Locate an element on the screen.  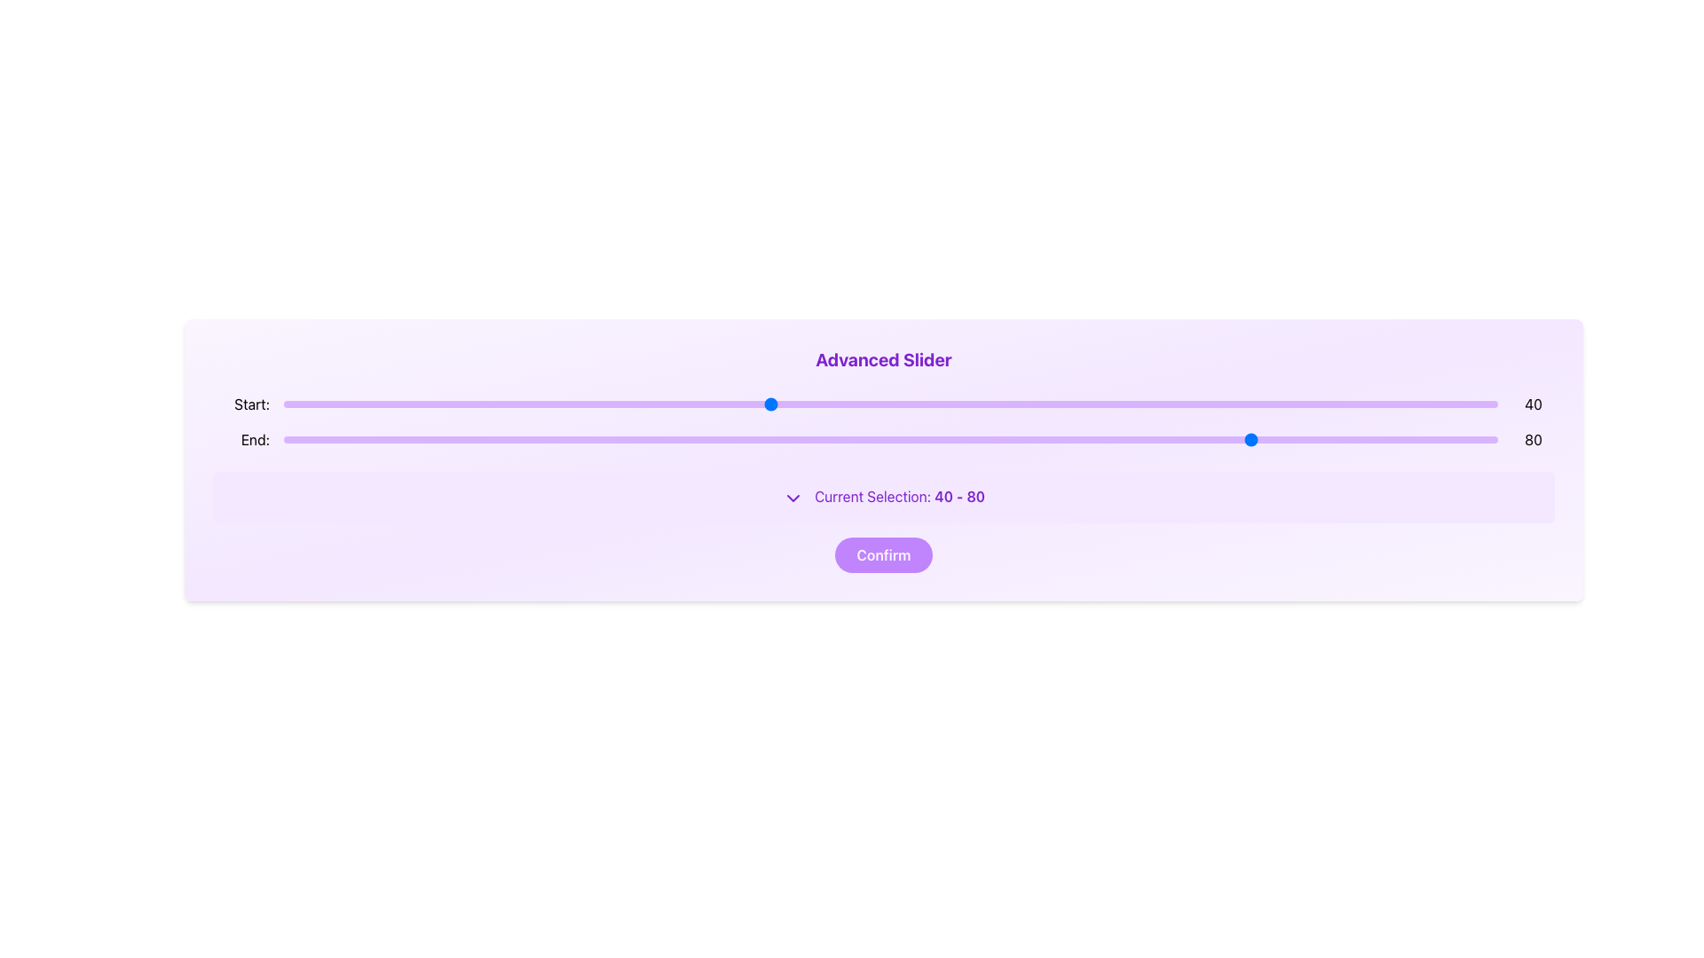
the start slider is located at coordinates (938, 404).